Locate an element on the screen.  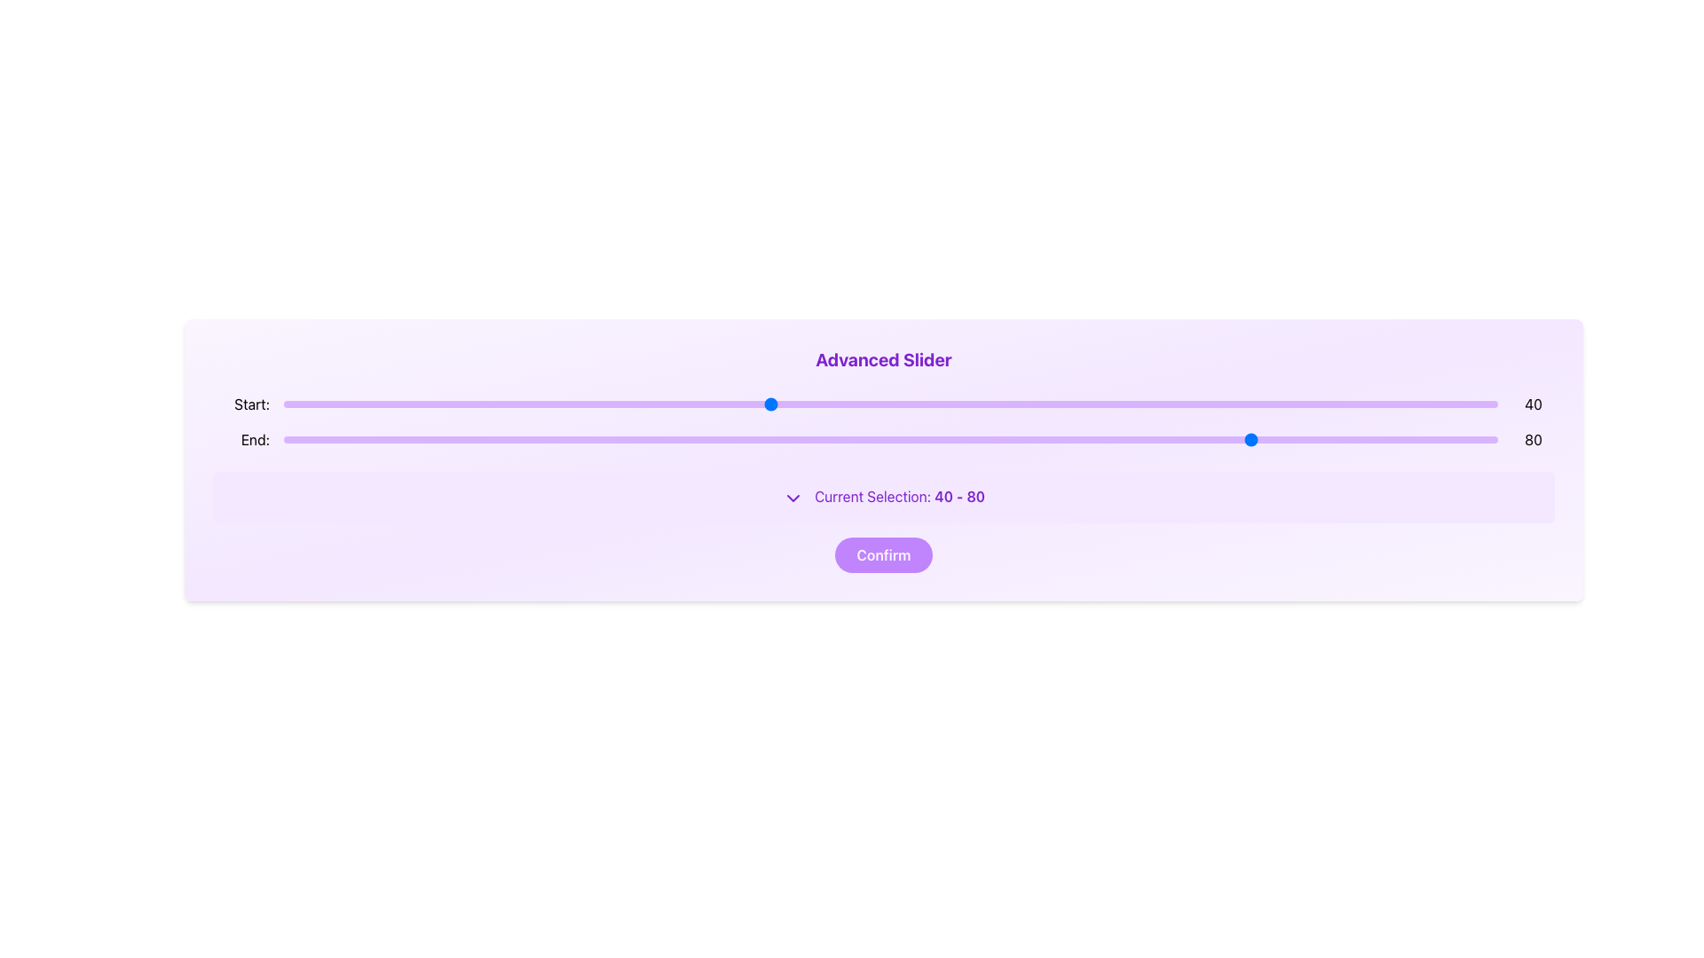
the start slider is located at coordinates (938, 404).